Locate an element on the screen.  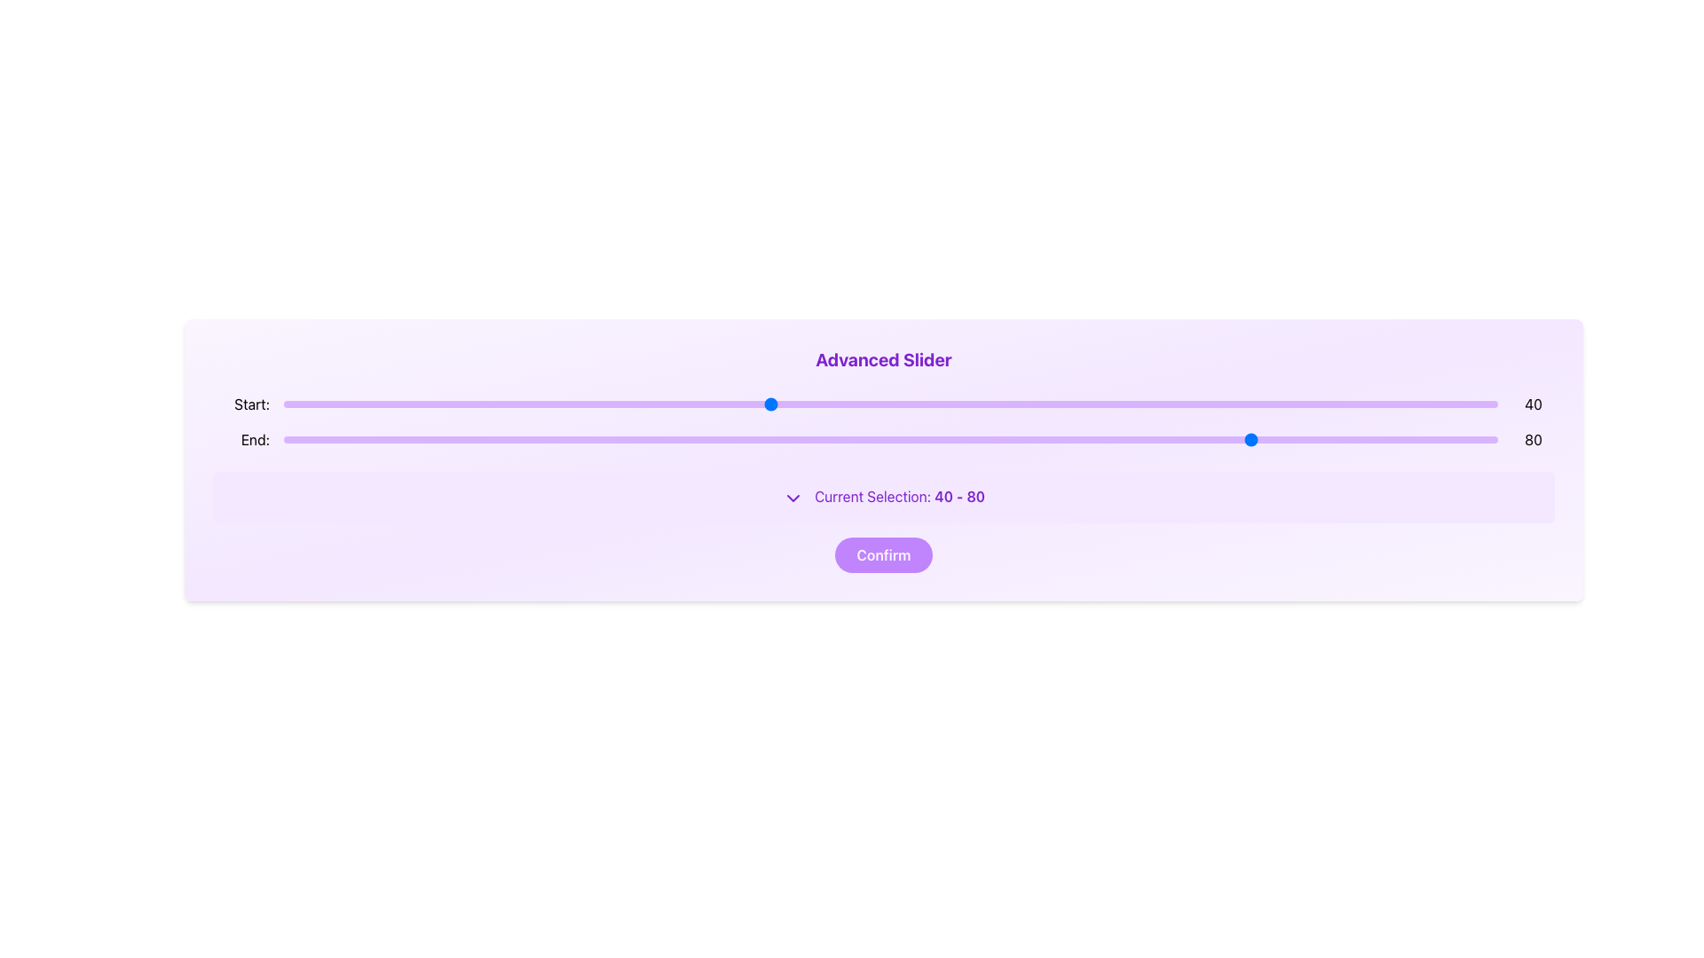
the start slider is located at coordinates (938, 404).